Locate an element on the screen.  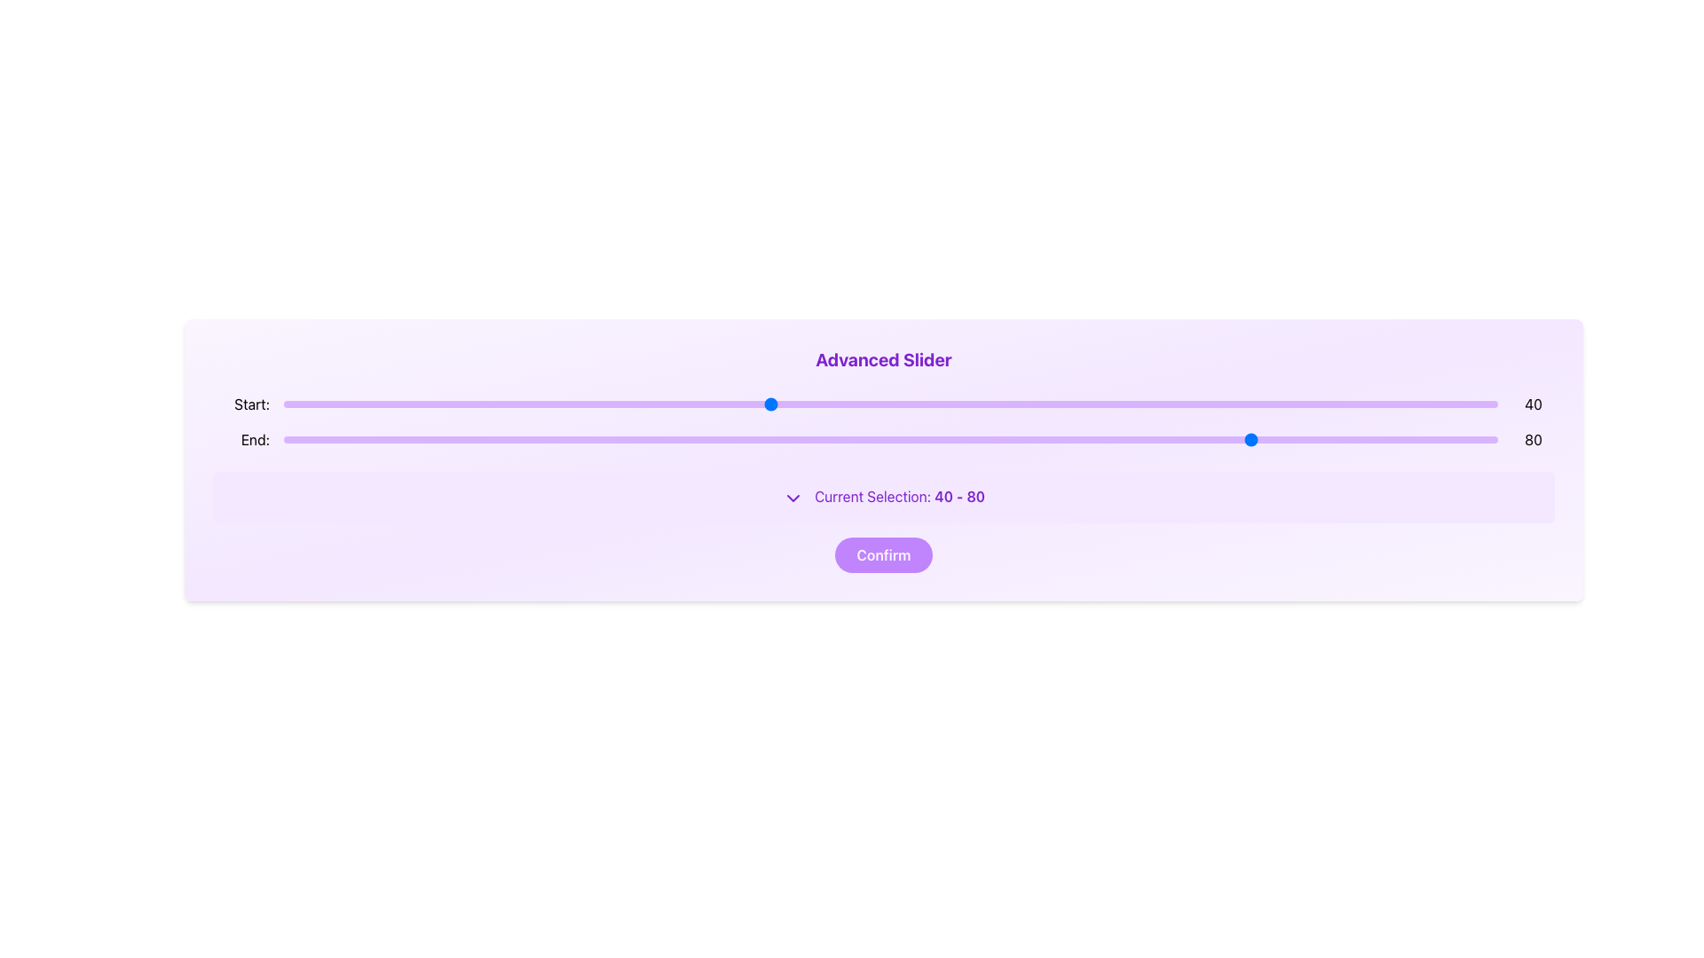
the start slider is located at coordinates (938, 404).